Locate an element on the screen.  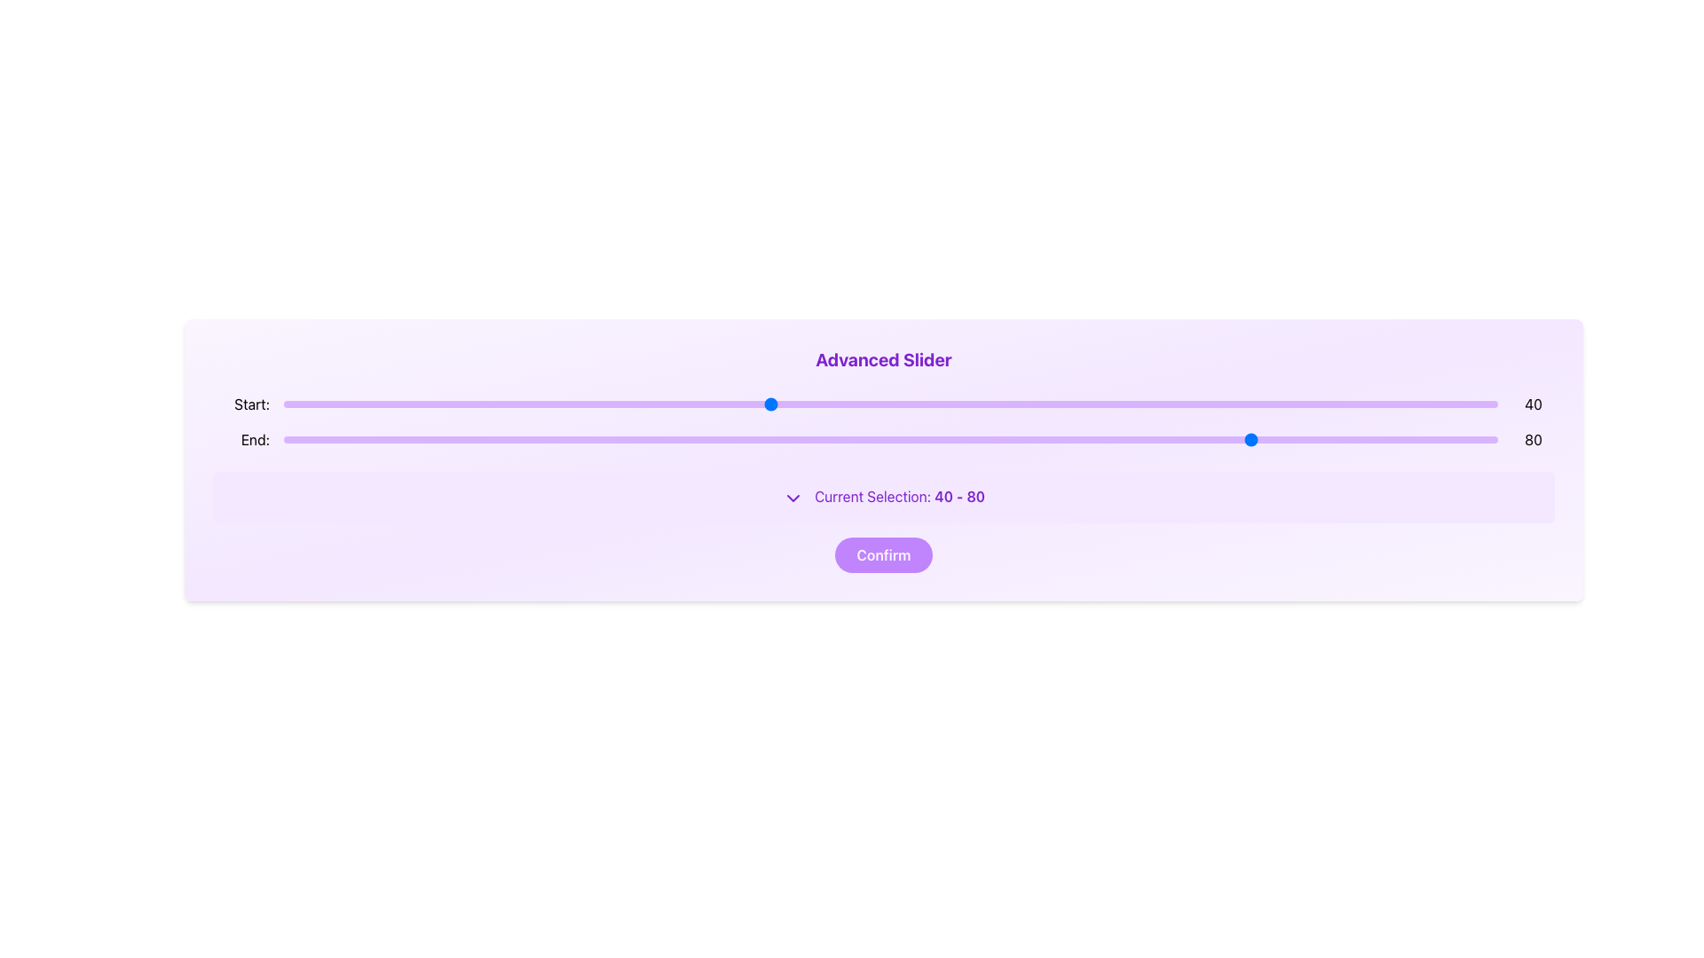
the start slider is located at coordinates (938, 404).